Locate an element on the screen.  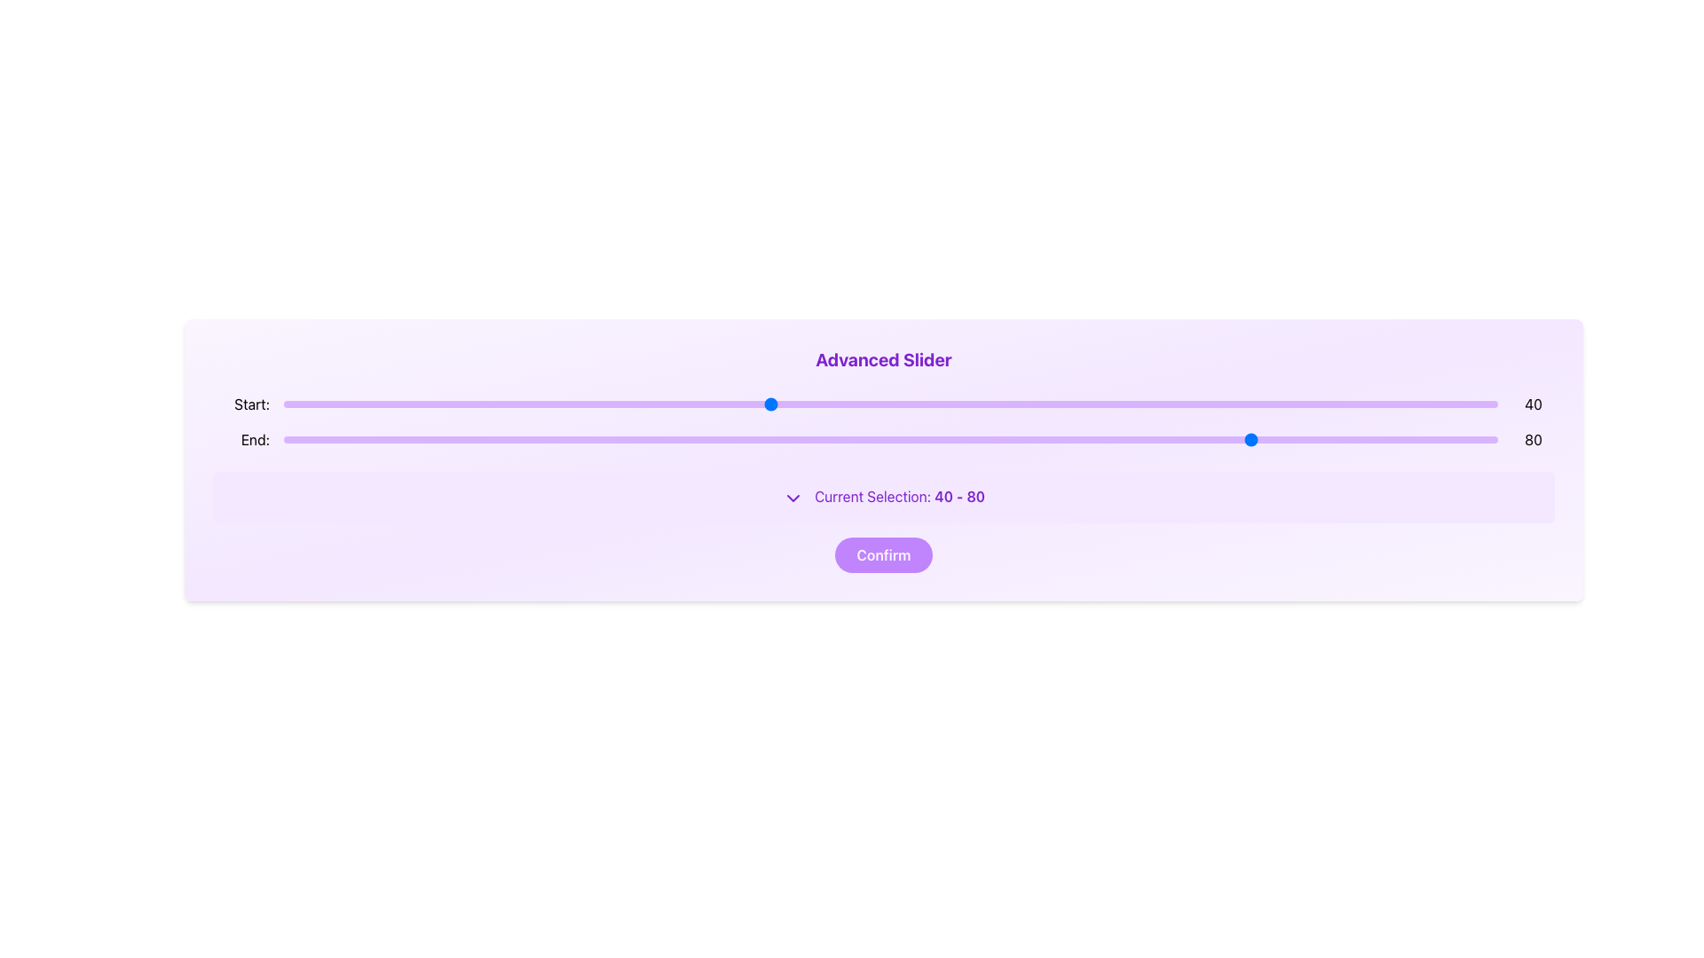
the start slider is located at coordinates (938, 404).